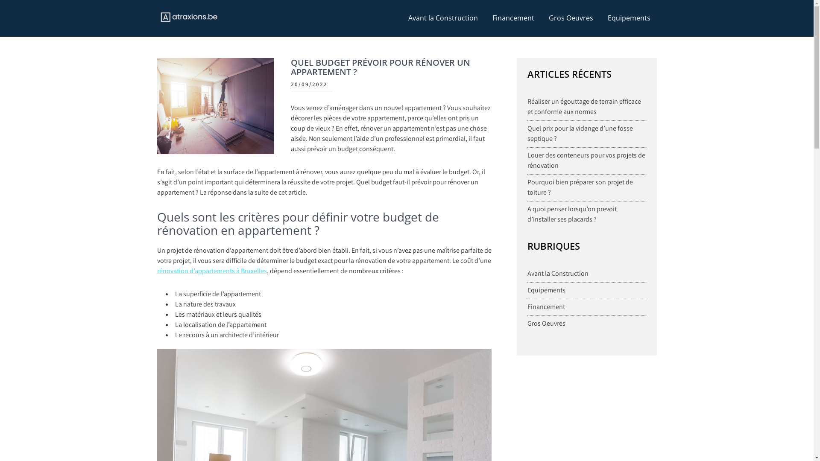 This screenshot has height=461, width=820. I want to click on 'Avant la Construction', so click(442, 18).